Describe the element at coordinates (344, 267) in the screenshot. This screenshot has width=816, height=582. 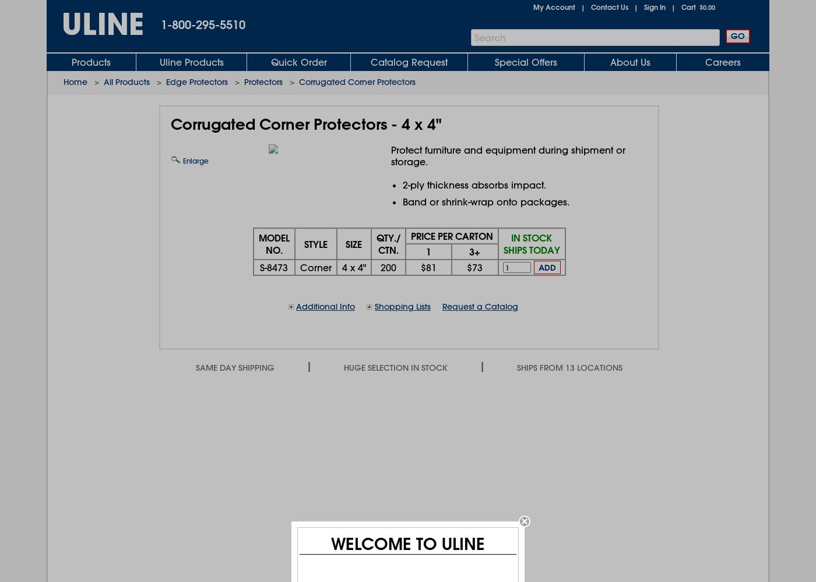
I see `'4'` at that location.